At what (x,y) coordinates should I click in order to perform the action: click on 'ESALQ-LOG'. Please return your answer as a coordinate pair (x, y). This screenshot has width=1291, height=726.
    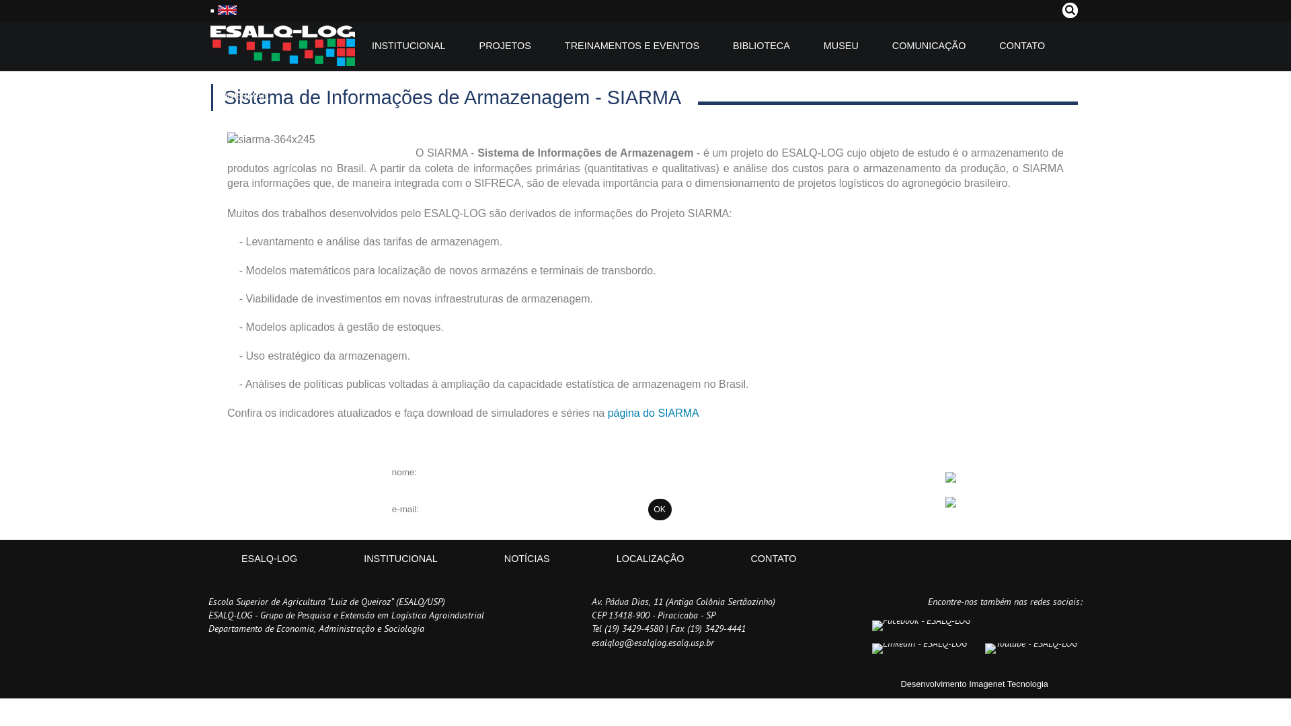
    Looking at the image, I should click on (282, 45).